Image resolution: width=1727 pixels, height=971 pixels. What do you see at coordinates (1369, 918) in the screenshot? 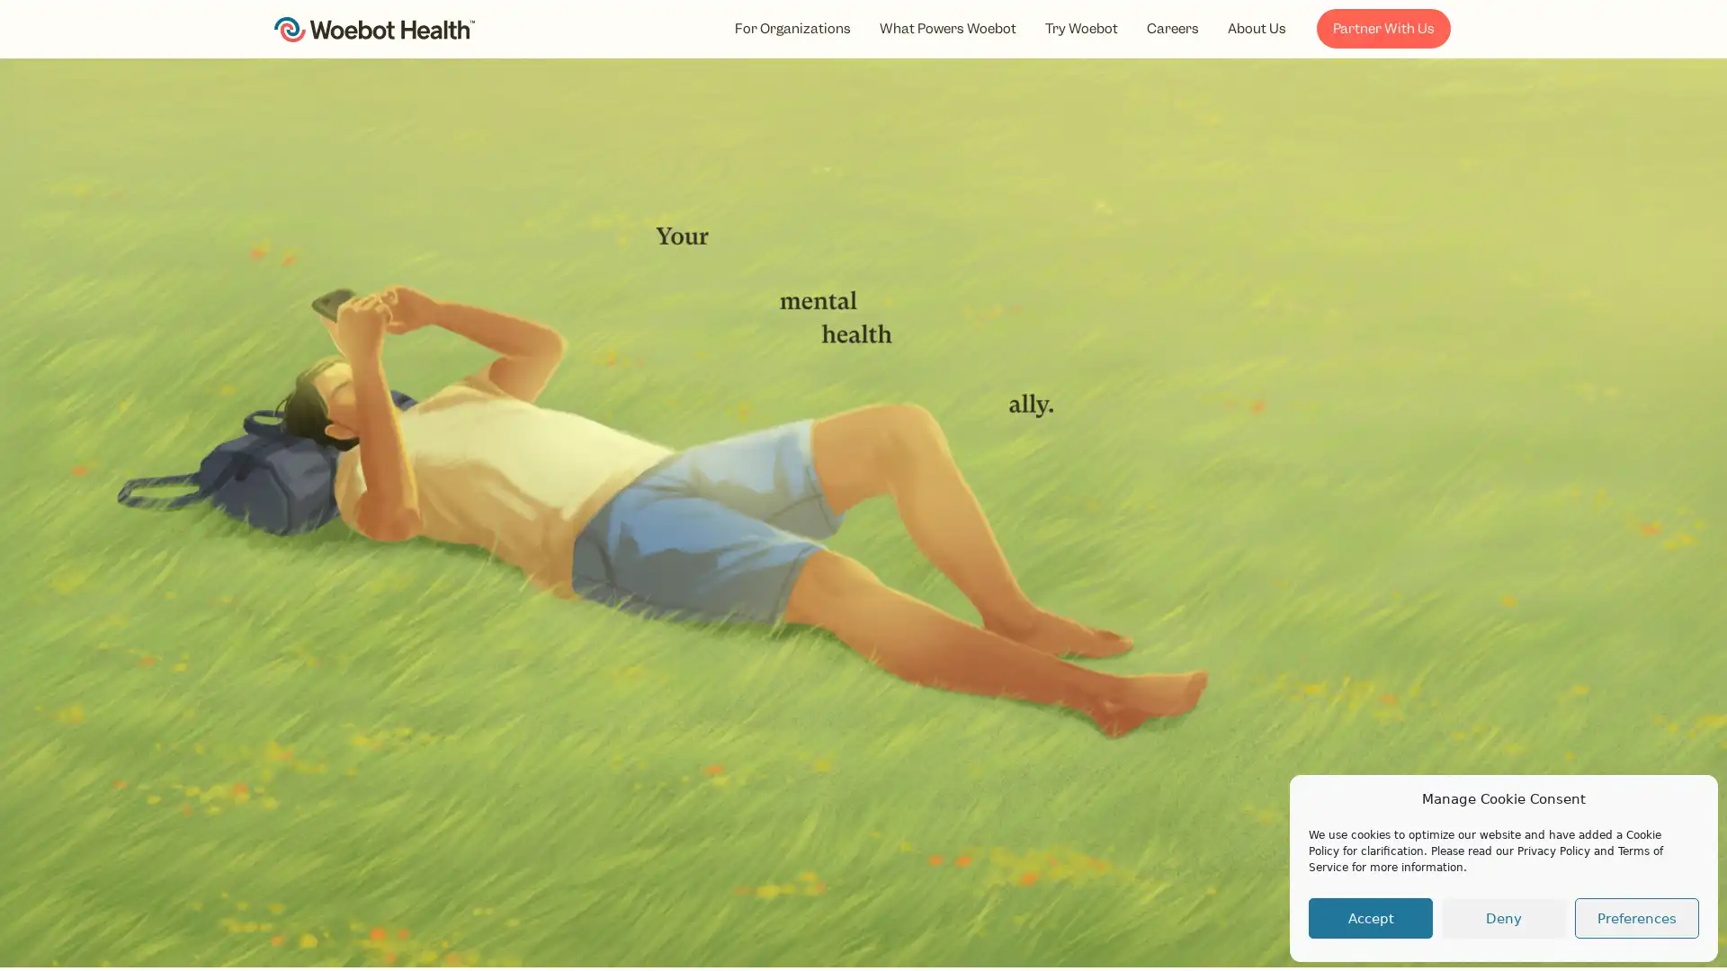
I see `Accept` at bounding box center [1369, 918].